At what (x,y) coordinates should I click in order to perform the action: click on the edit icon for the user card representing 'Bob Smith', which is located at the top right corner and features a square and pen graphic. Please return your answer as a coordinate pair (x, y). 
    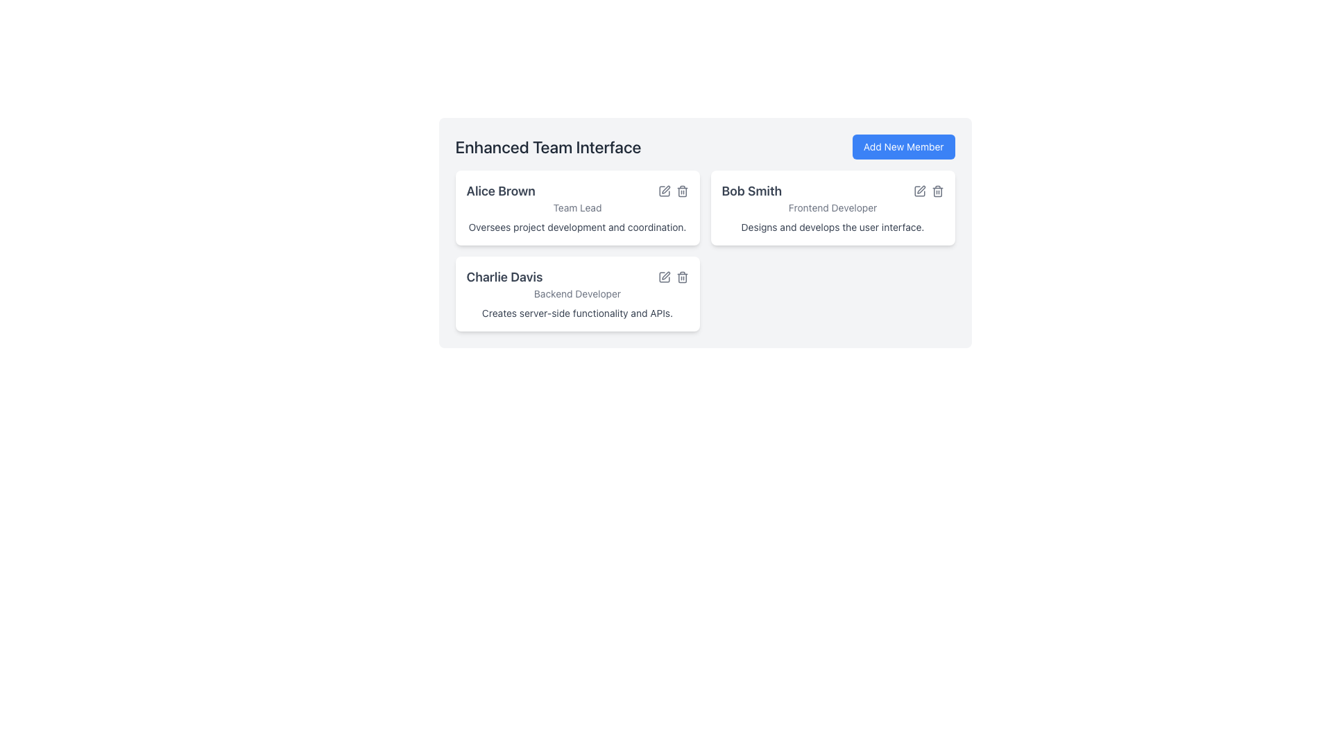
    Looking at the image, I should click on (919, 191).